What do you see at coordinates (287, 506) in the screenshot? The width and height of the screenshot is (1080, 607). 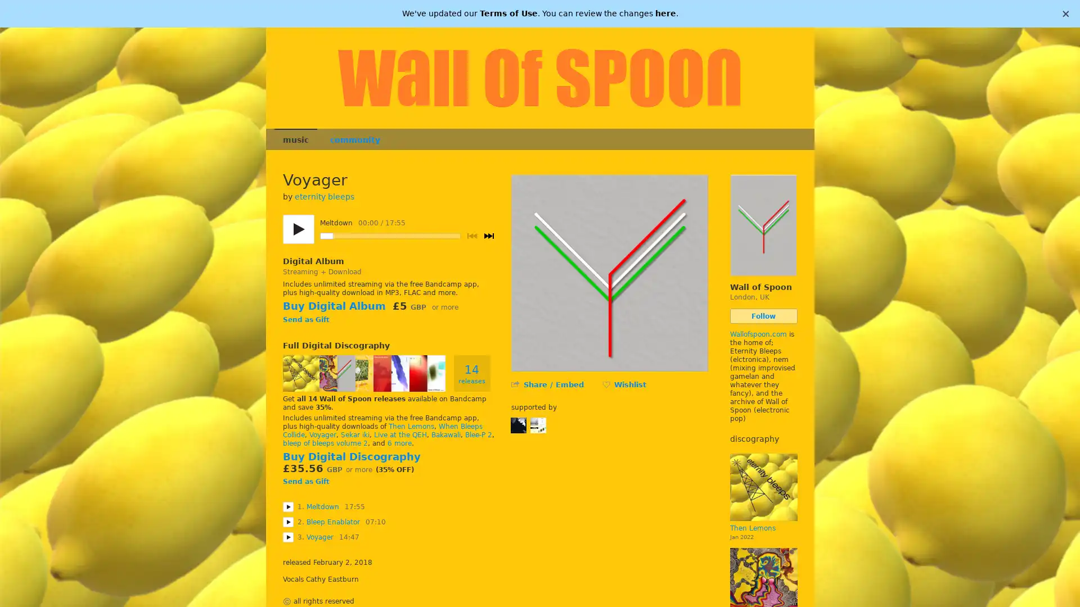 I see `Play Meltdown` at bounding box center [287, 506].